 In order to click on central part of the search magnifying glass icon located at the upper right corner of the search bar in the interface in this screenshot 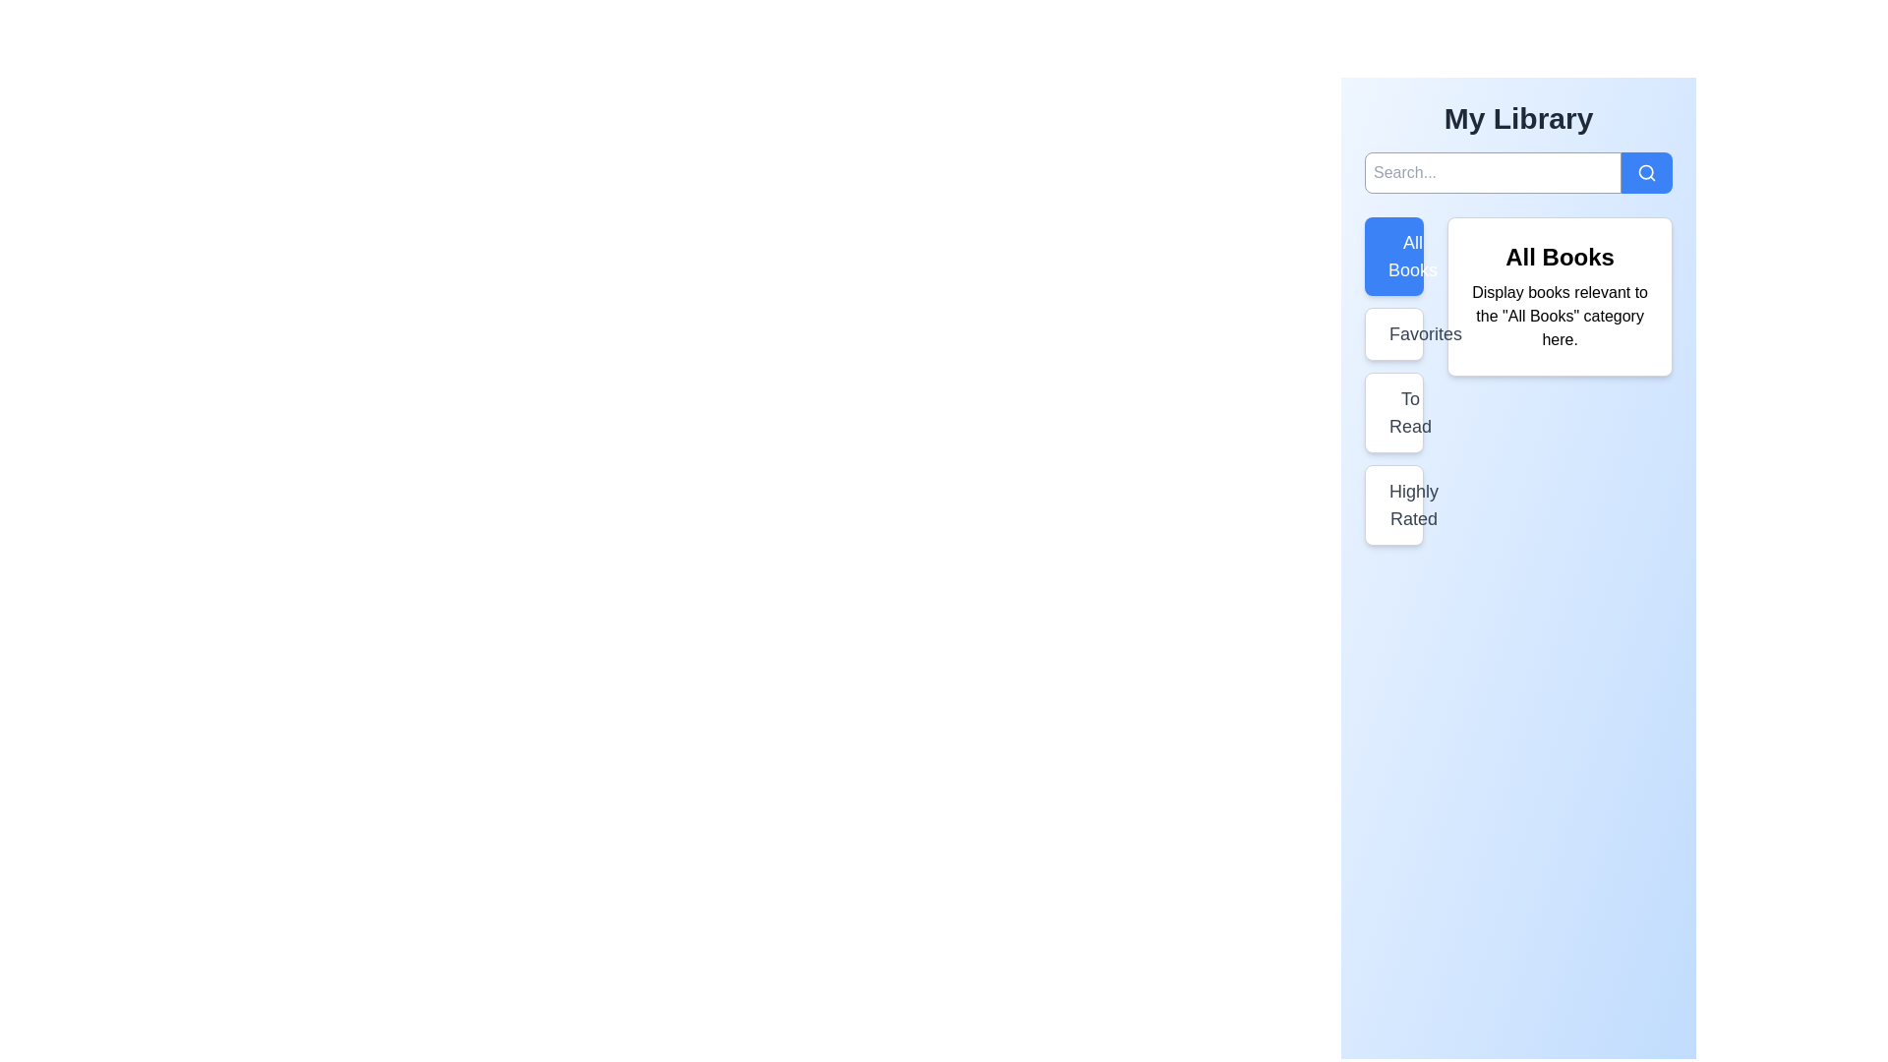, I will do `click(1646, 171)`.